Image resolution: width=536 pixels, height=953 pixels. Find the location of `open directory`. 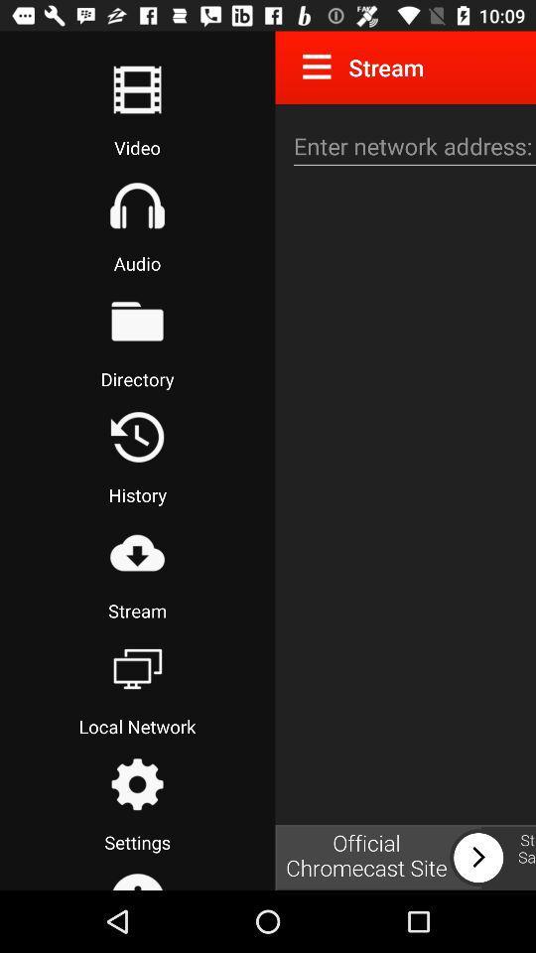

open directory is located at coordinates (136, 321).